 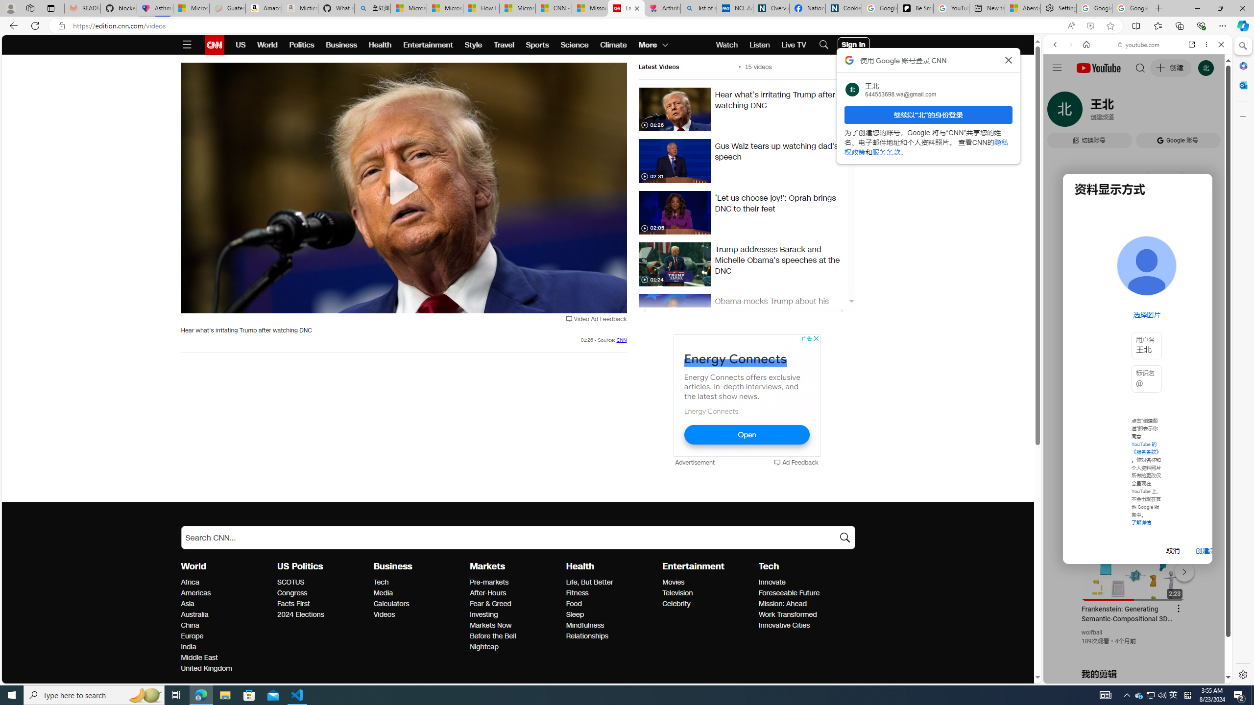 What do you see at coordinates (577, 592) in the screenshot?
I see `'Health Fitness'` at bounding box center [577, 592].